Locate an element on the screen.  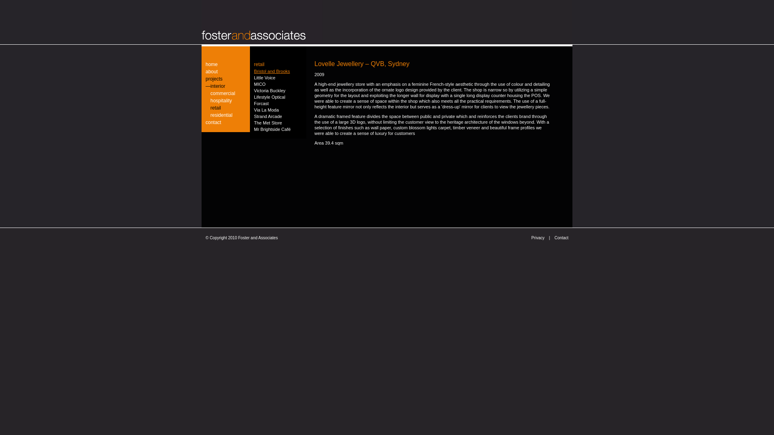
'MICO' is located at coordinates (278, 84).